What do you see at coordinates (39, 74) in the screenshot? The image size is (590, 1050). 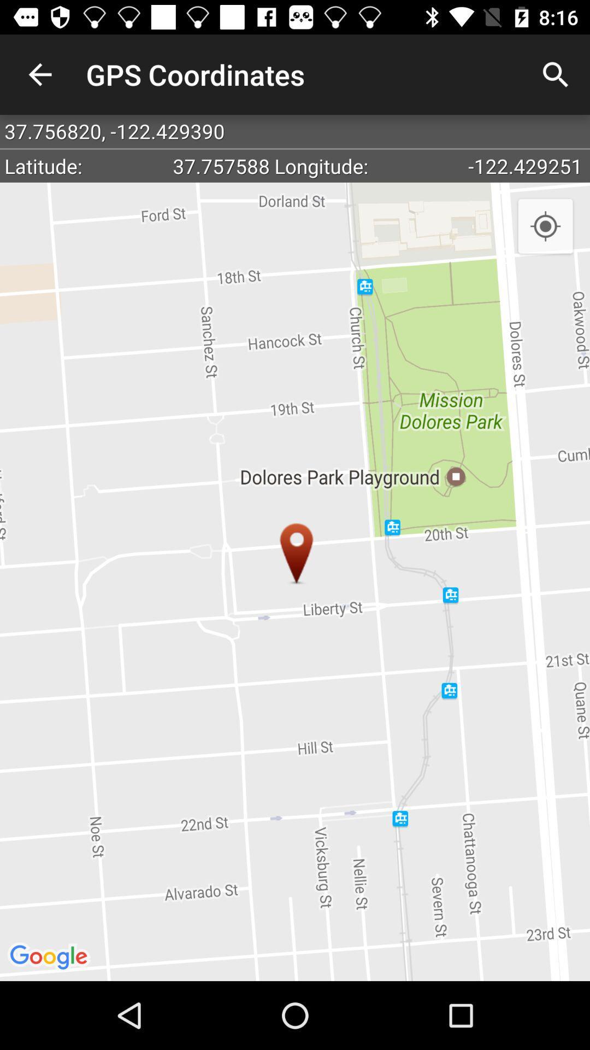 I see `item above 37 756820 122` at bounding box center [39, 74].